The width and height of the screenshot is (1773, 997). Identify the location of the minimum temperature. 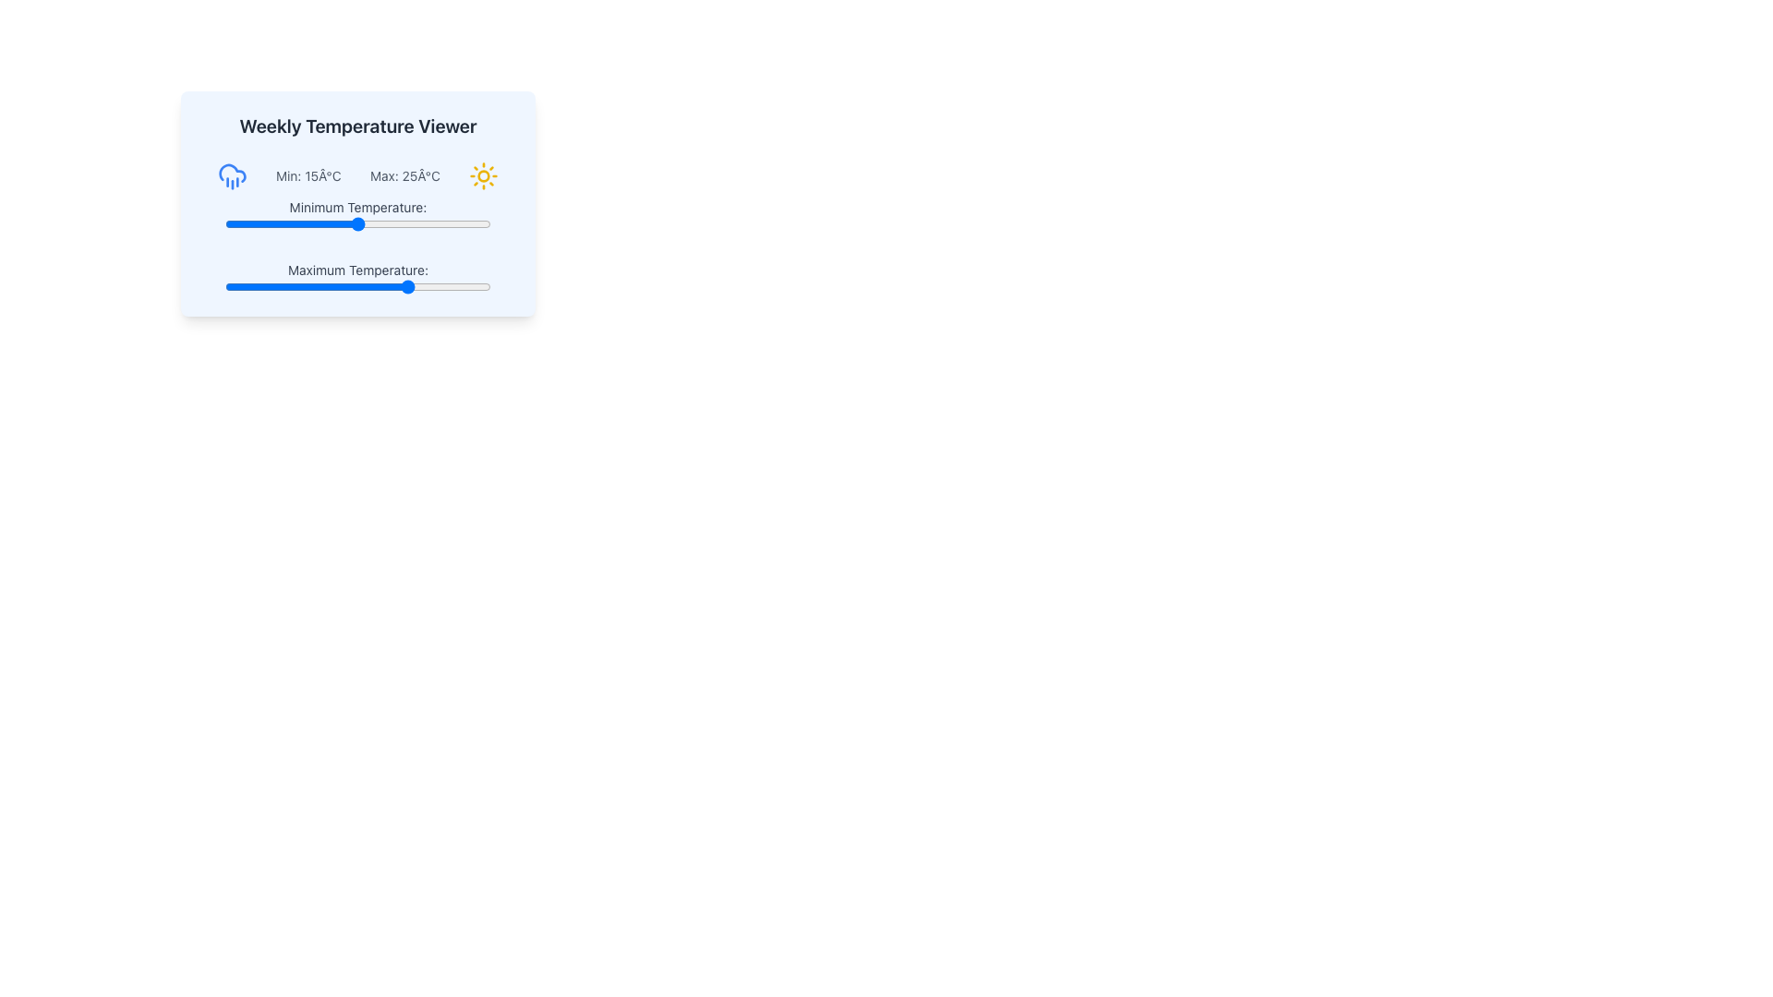
(320, 223).